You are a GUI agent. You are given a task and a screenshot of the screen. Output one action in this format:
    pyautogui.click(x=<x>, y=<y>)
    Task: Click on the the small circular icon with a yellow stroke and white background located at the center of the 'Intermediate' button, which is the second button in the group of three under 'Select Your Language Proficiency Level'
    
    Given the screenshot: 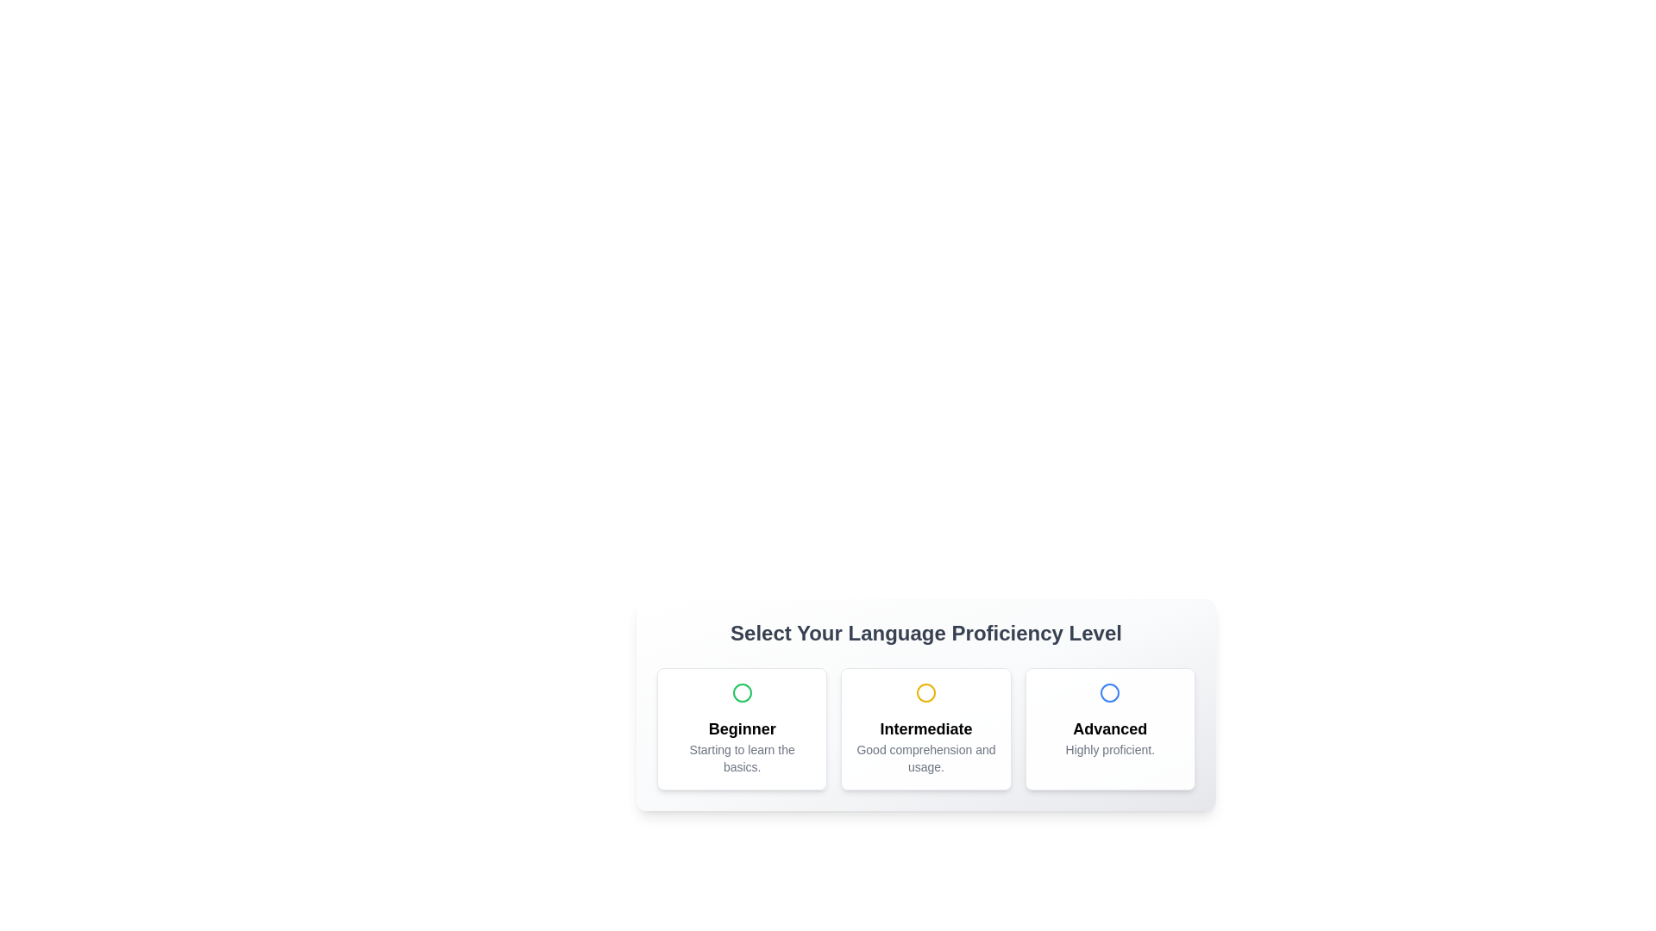 What is the action you would take?
    pyautogui.click(x=925, y=691)
    